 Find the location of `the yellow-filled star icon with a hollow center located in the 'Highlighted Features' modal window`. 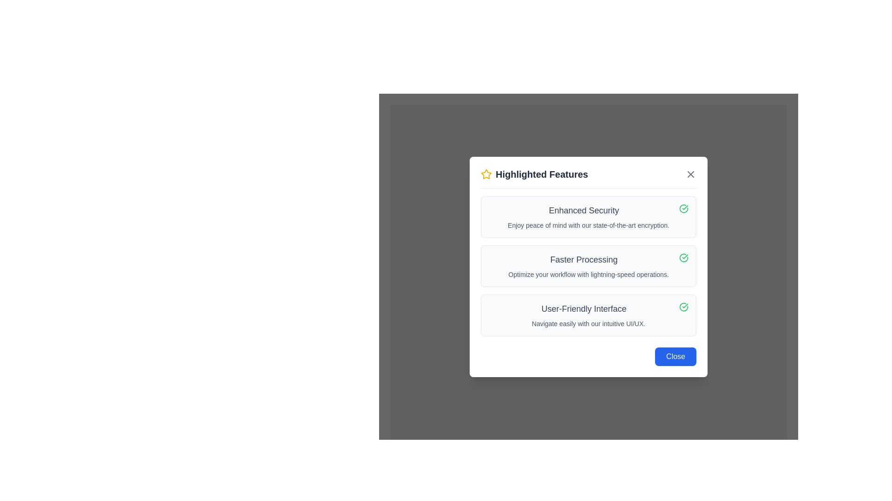

the yellow-filled star icon with a hollow center located in the 'Highlighted Features' modal window is located at coordinates (485, 174).